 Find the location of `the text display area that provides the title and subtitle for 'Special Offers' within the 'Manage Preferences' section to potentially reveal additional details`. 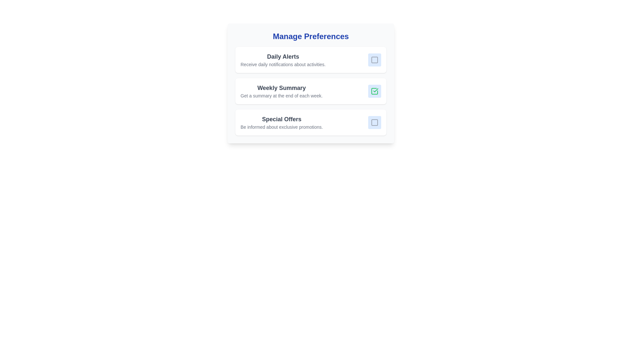

the text display area that provides the title and subtitle for 'Special Offers' within the 'Manage Preferences' section to potentially reveal additional details is located at coordinates (282, 122).